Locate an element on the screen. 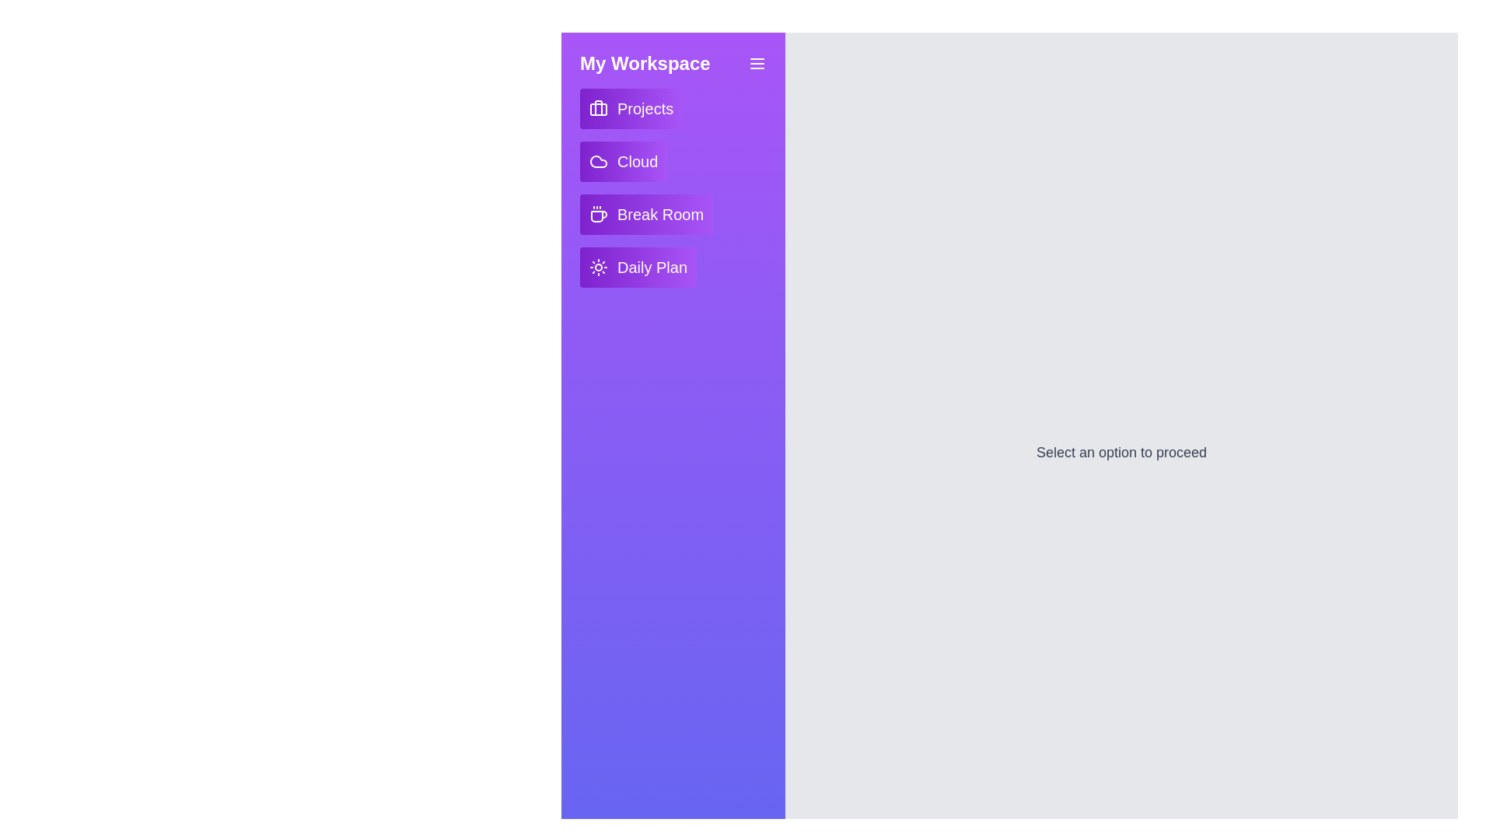 This screenshot has width=1493, height=840. the interactive element Break Room is located at coordinates (646, 215).